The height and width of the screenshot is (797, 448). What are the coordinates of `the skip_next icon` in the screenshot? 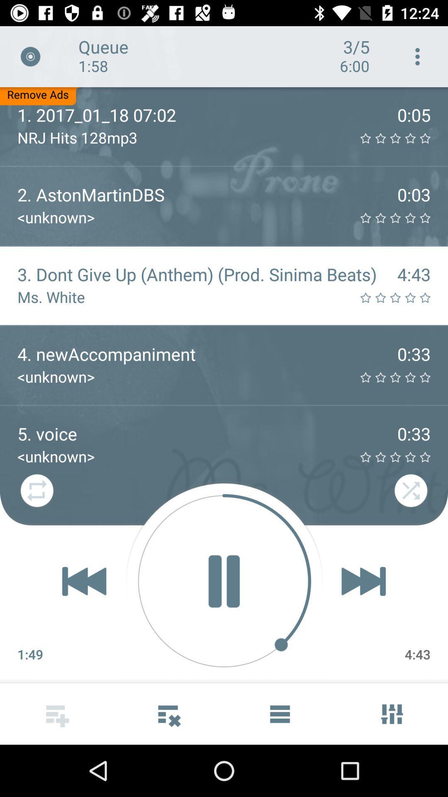 It's located at (363, 581).